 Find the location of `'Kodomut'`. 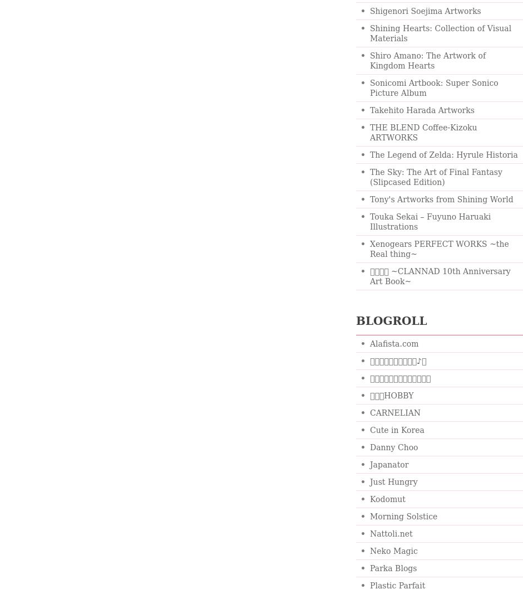

'Kodomut' is located at coordinates (387, 499).